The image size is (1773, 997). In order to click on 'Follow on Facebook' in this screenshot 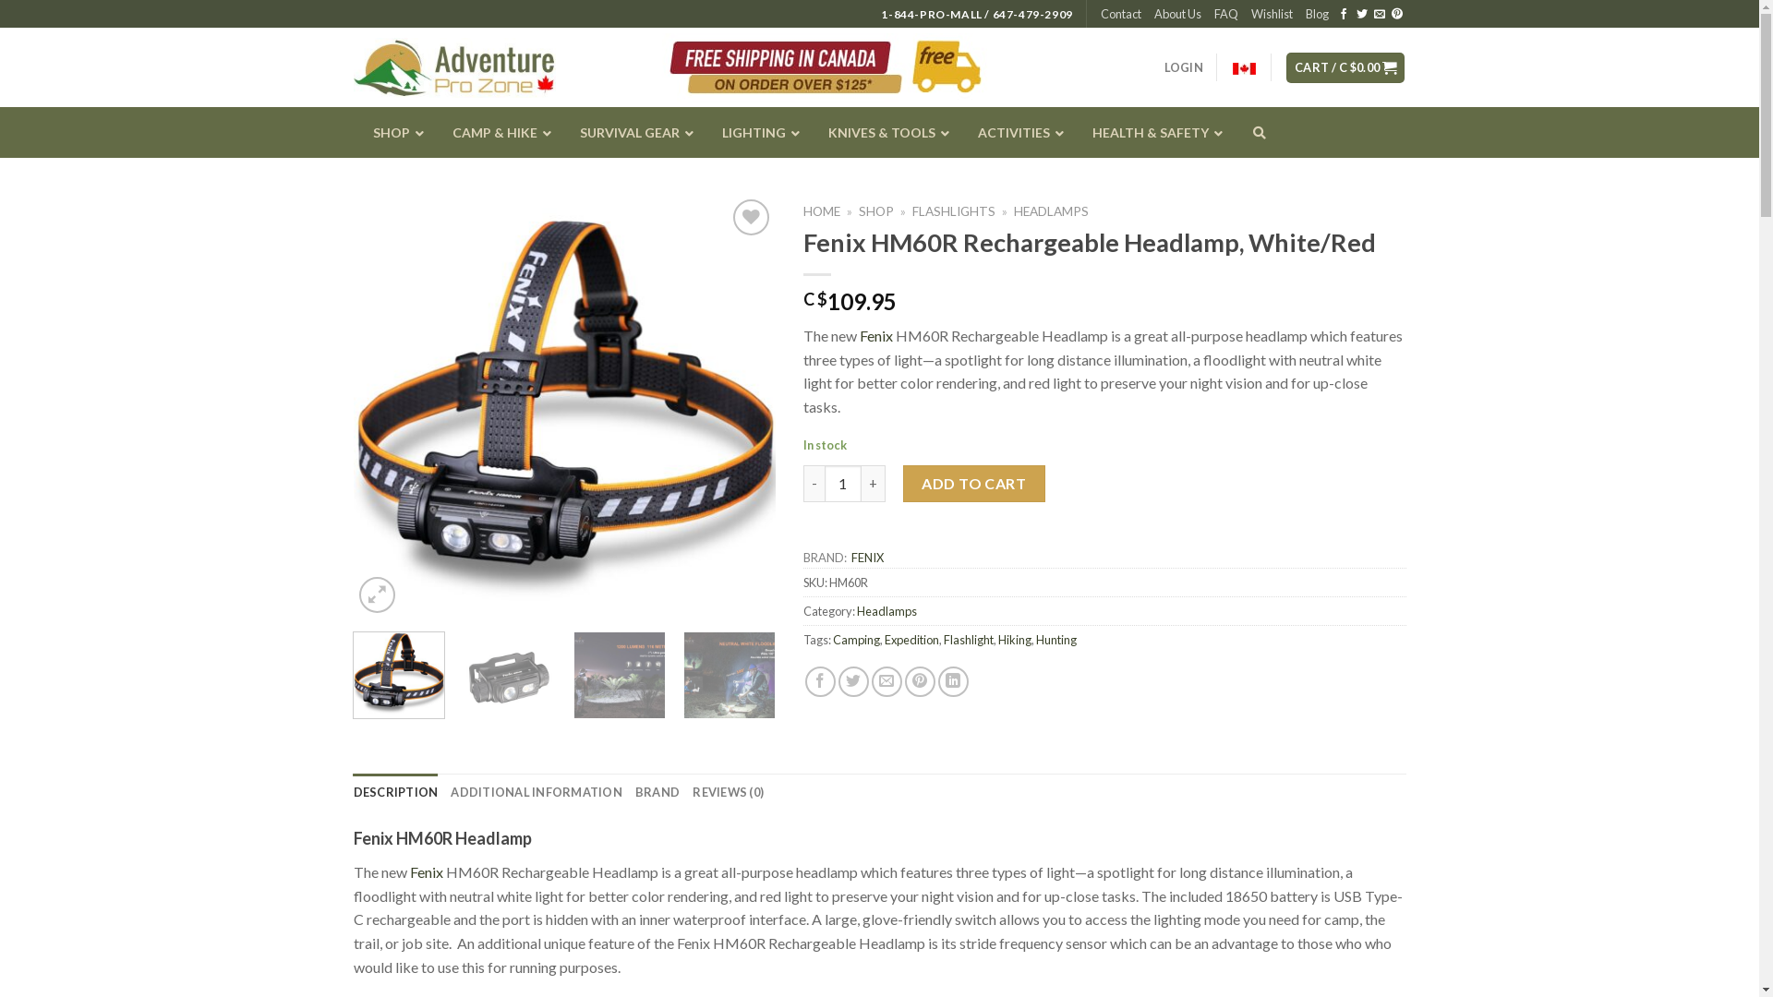, I will do `click(1343, 14)`.